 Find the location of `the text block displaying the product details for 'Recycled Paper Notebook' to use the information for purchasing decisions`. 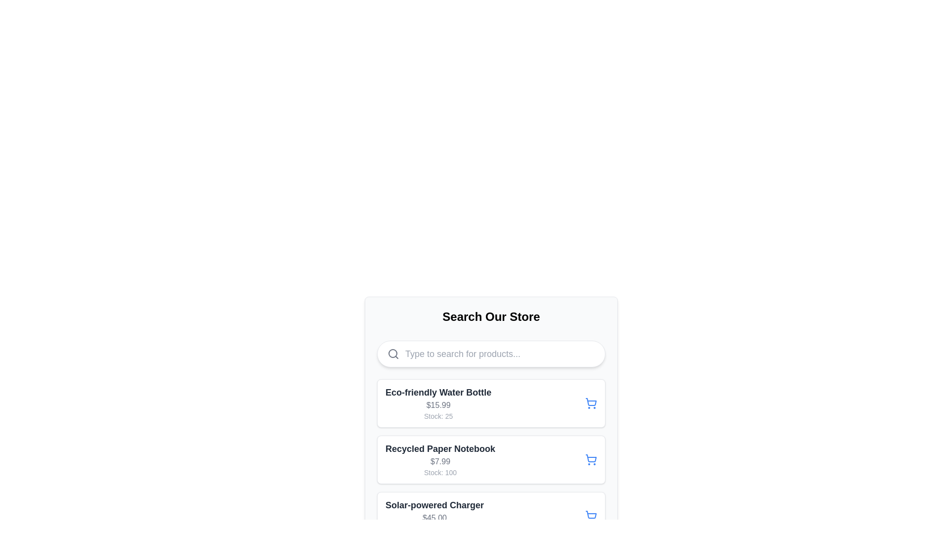

the text block displaying the product details for 'Recycled Paper Notebook' to use the information for purchasing decisions is located at coordinates (440, 459).